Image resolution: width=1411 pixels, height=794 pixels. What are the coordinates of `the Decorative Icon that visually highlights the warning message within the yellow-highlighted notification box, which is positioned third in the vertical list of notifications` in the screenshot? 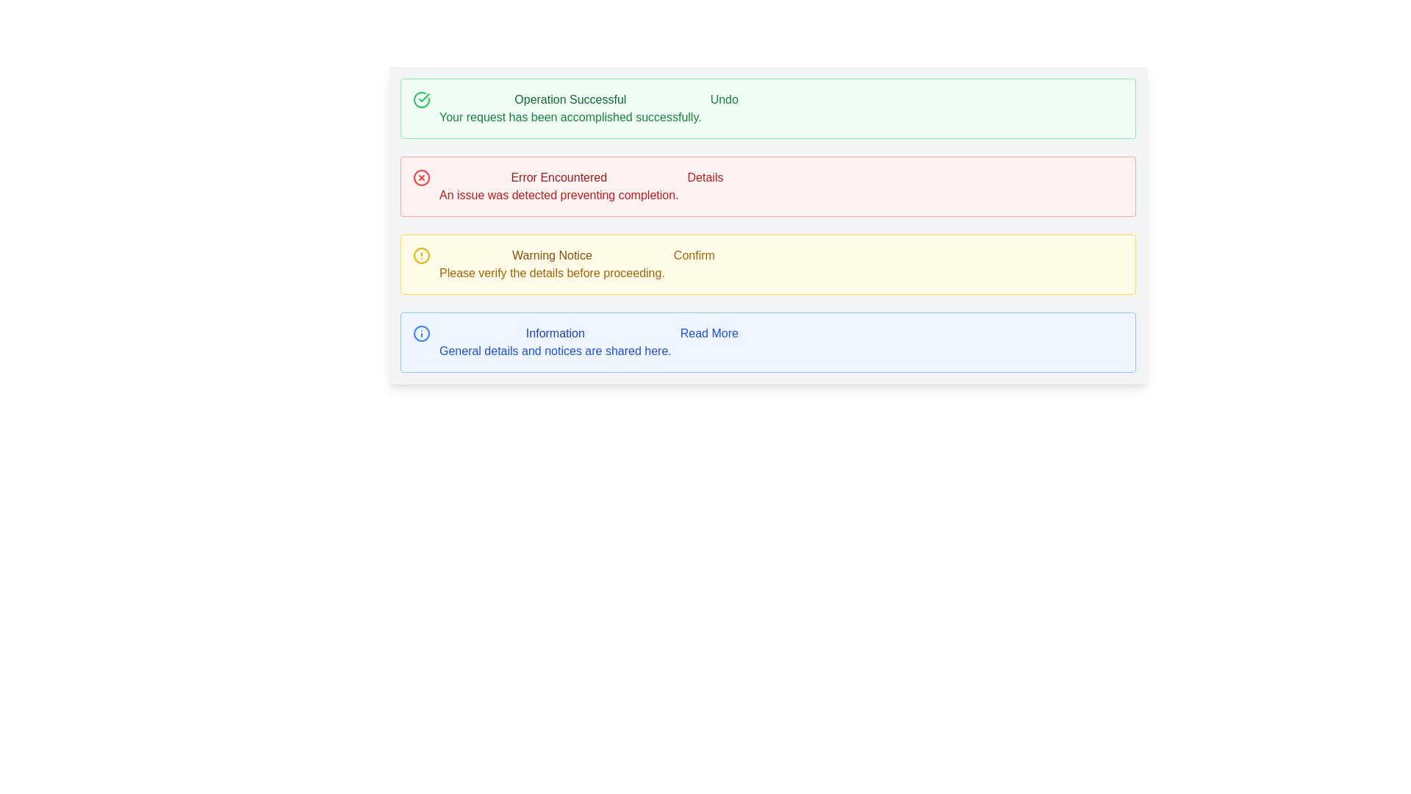 It's located at (421, 254).